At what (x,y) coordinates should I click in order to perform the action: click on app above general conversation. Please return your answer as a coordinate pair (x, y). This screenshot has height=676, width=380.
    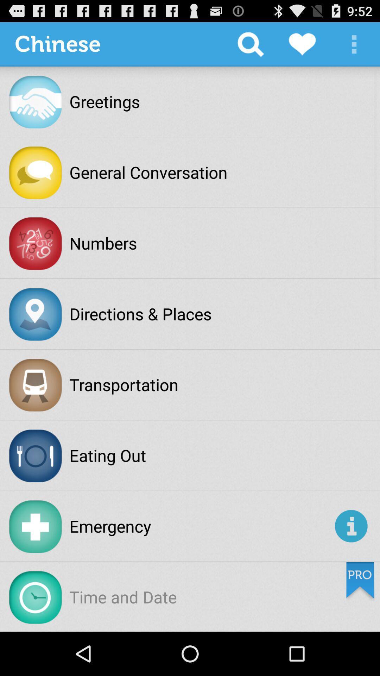
    Looking at the image, I should click on (250, 44).